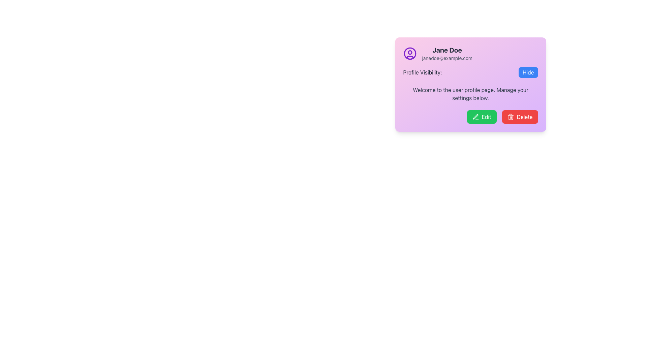  Describe the element at coordinates (470, 94) in the screenshot. I see `the text label displaying 'Welcome to the user profile page. Manage your settings below.' which is styled in a muted dark gray color on a light purple background` at that location.